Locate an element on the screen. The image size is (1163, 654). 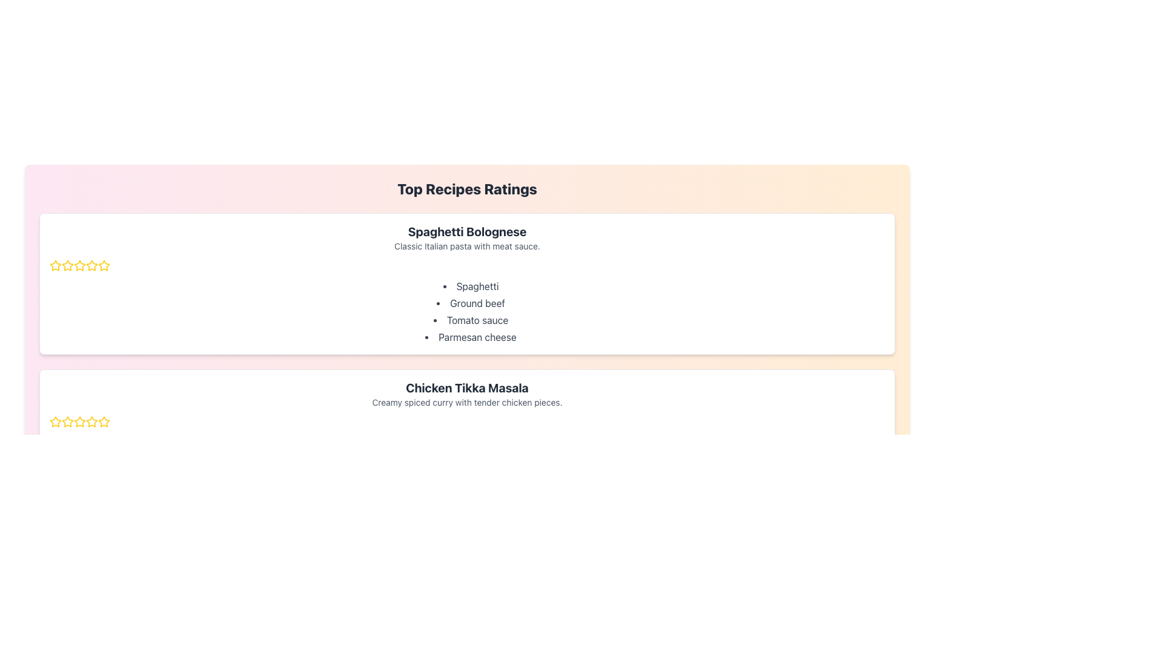
the second star icon in the 5-star rating system to rate it is located at coordinates (104, 265).